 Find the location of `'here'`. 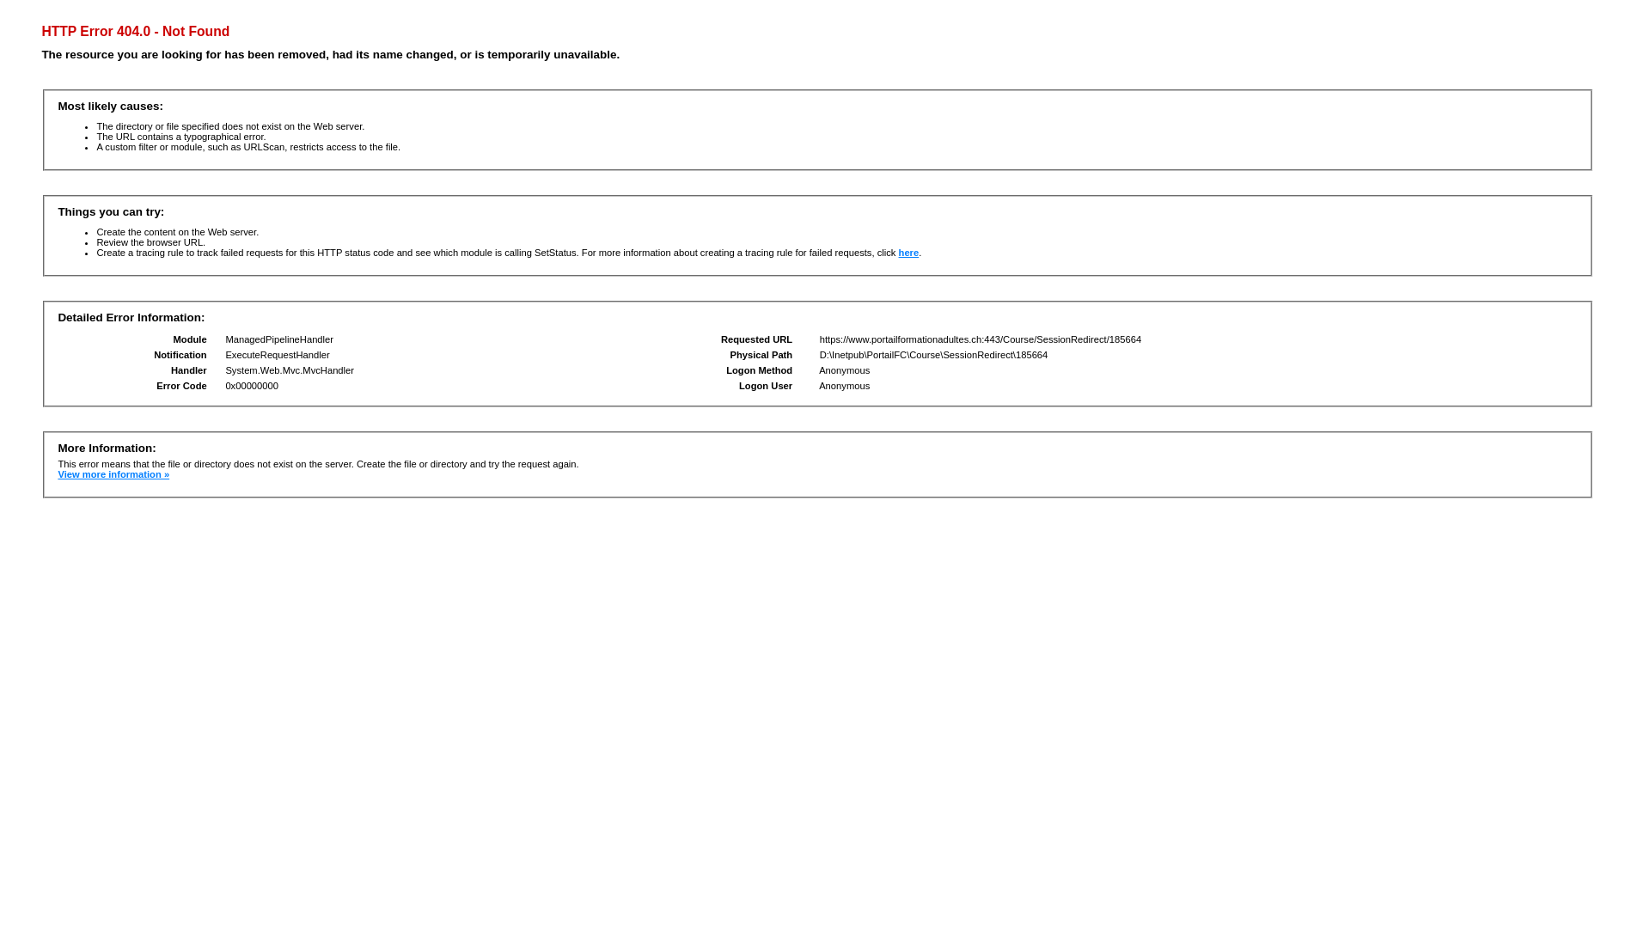

'here' is located at coordinates (907, 252).